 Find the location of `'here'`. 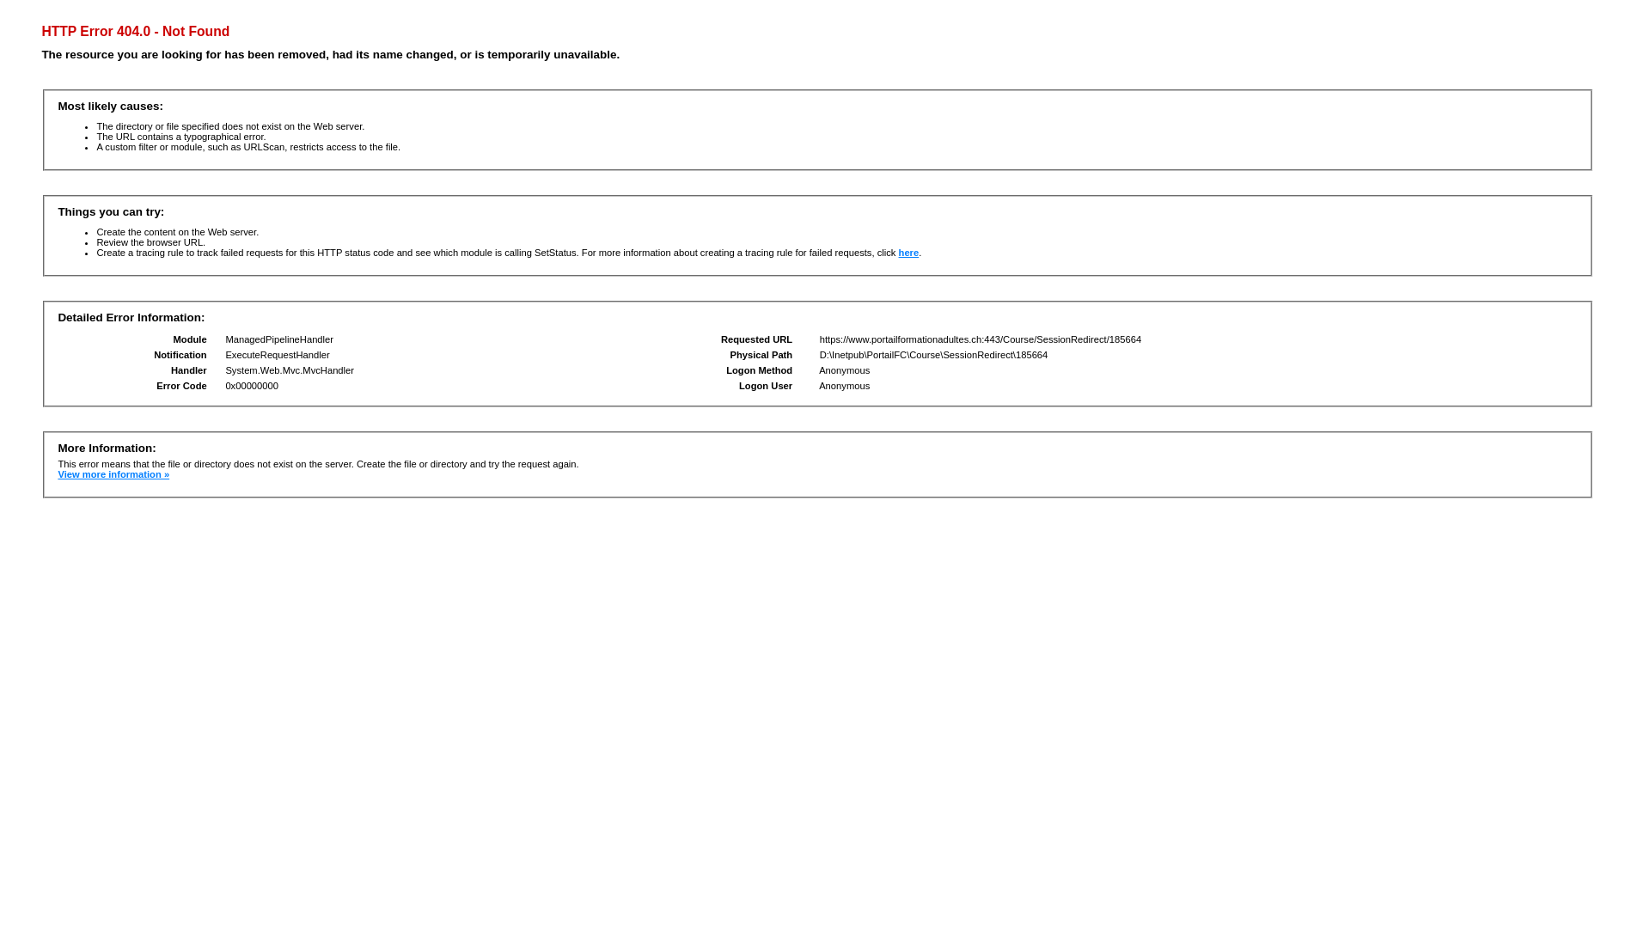

'here' is located at coordinates (907, 252).